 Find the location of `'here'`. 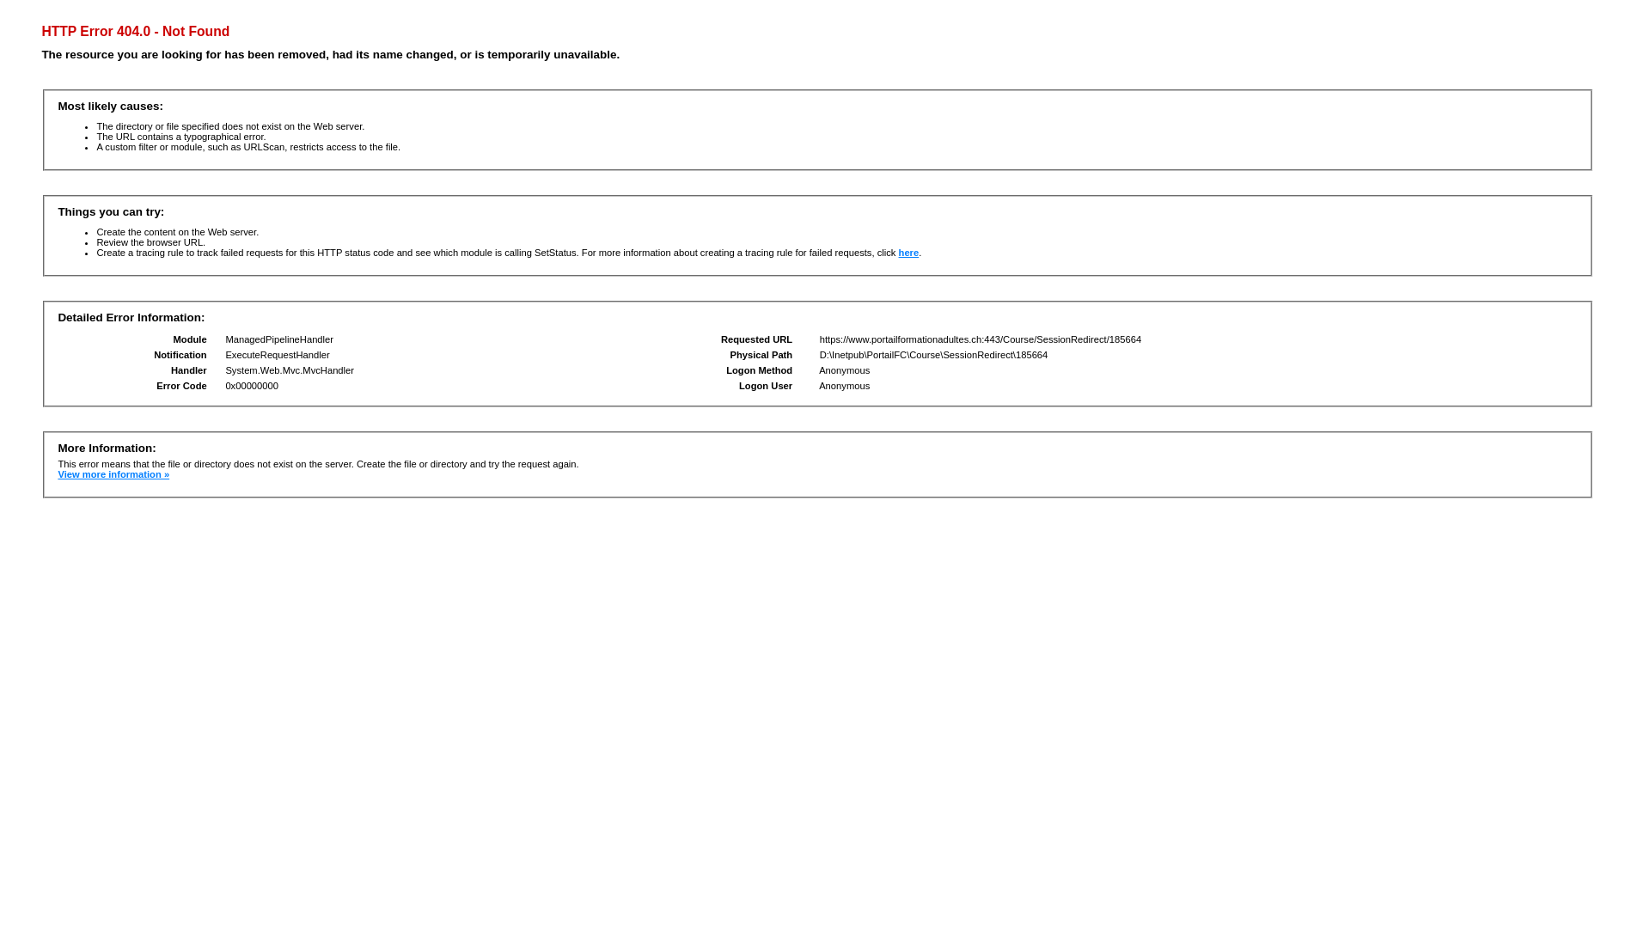

'here' is located at coordinates (907, 252).